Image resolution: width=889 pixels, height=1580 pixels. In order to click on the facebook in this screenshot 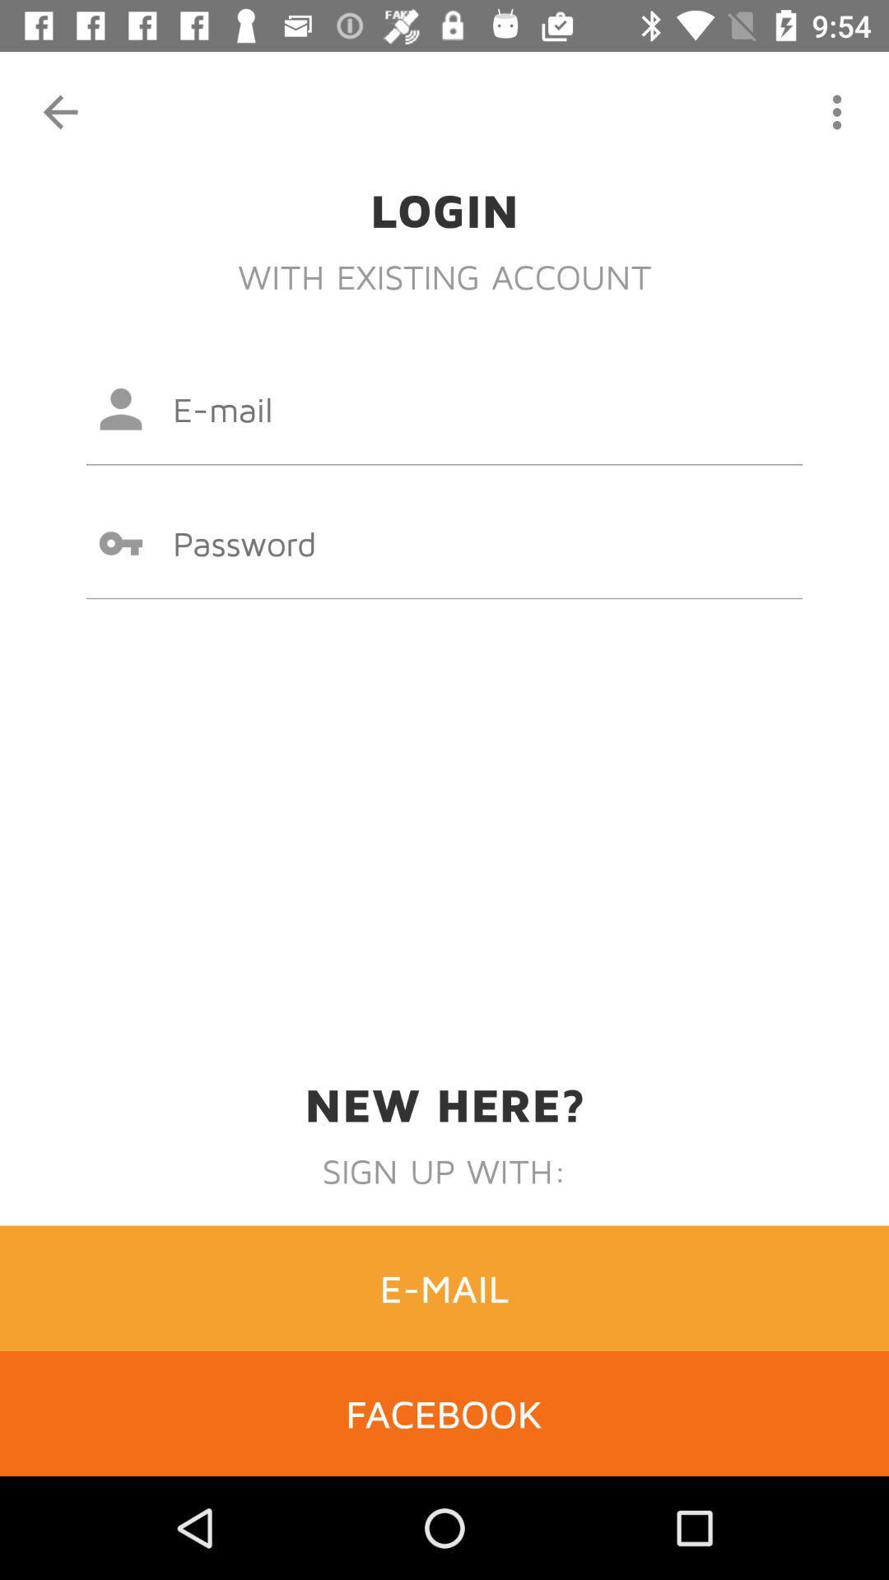, I will do `click(444, 1412)`.